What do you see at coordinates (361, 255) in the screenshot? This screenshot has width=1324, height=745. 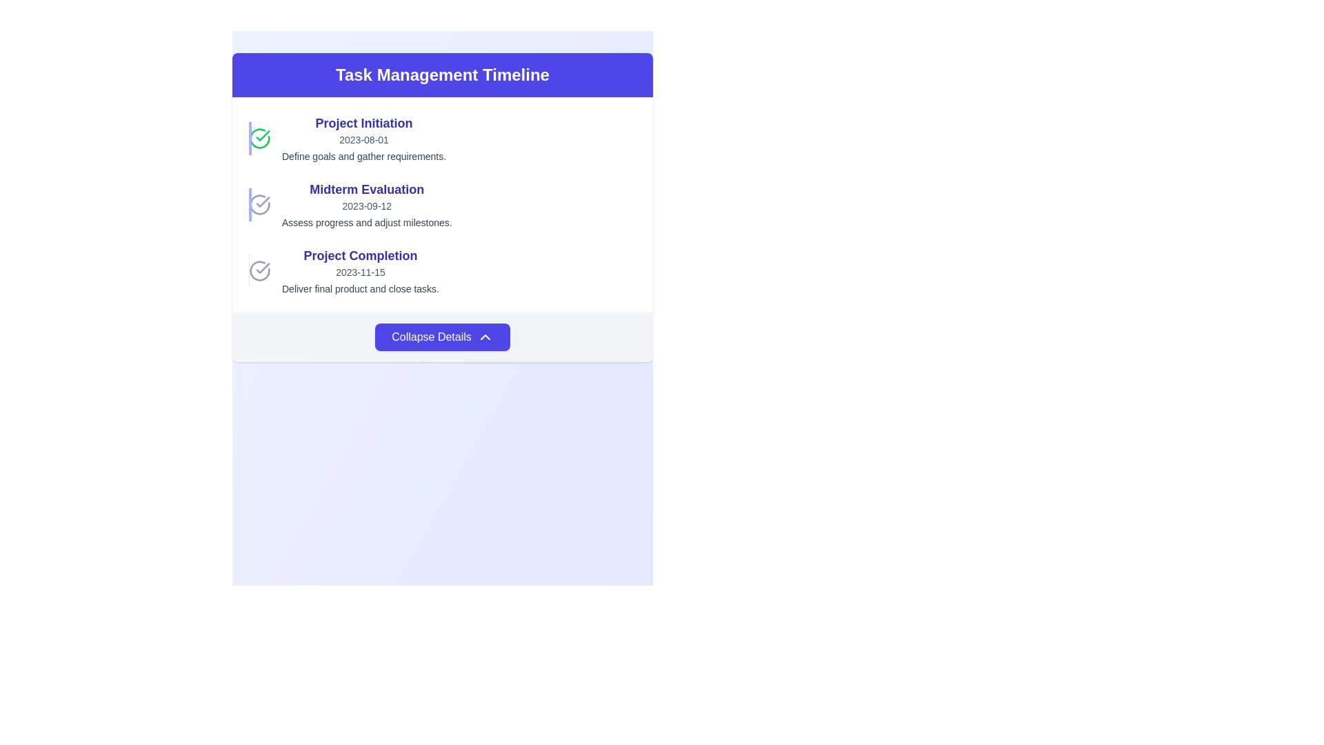 I see `the Text Label indicating the name or description of the task or milestone in the 'Task Management Timeline', which is the third item in the list, positioned between 'Midterm Evaluation' and '2023-11-15'` at bounding box center [361, 255].